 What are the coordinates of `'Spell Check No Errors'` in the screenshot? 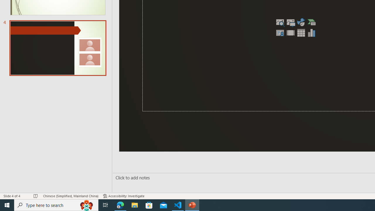 It's located at (36, 196).